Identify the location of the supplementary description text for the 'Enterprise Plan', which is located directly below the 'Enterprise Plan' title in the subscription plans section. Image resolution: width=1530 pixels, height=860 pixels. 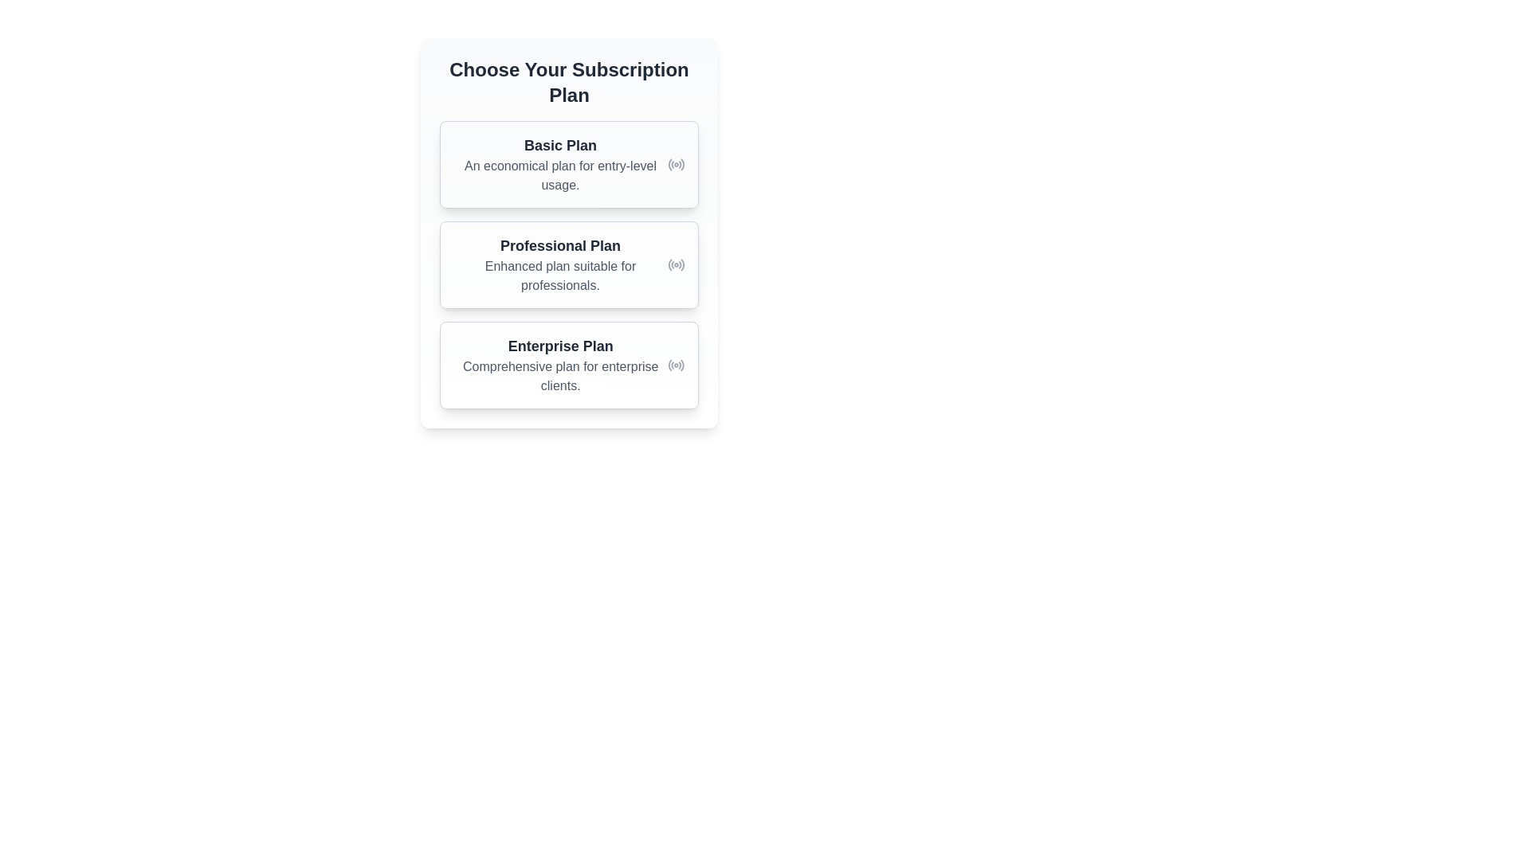
(560, 377).